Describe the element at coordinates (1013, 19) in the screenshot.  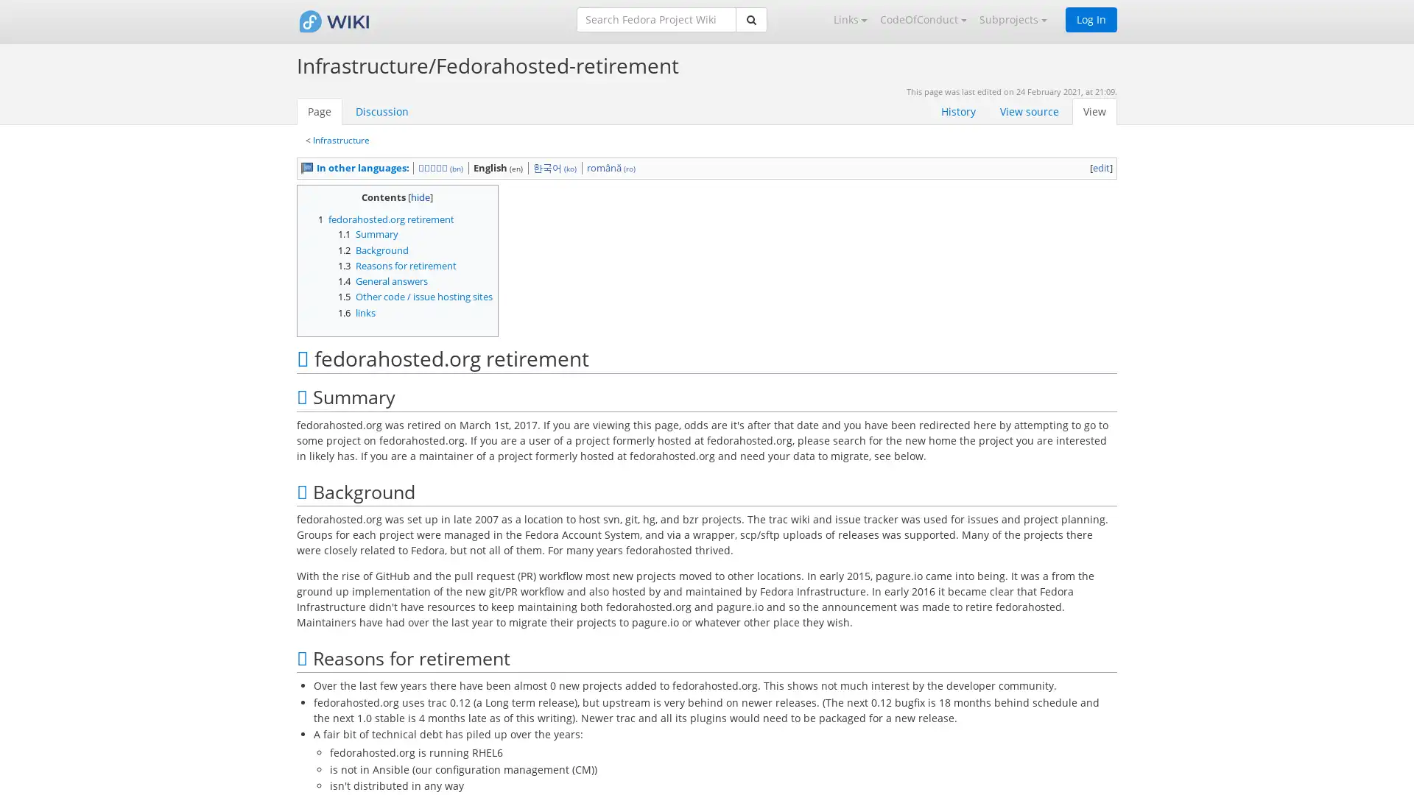
I see `Subprojects` at that location.